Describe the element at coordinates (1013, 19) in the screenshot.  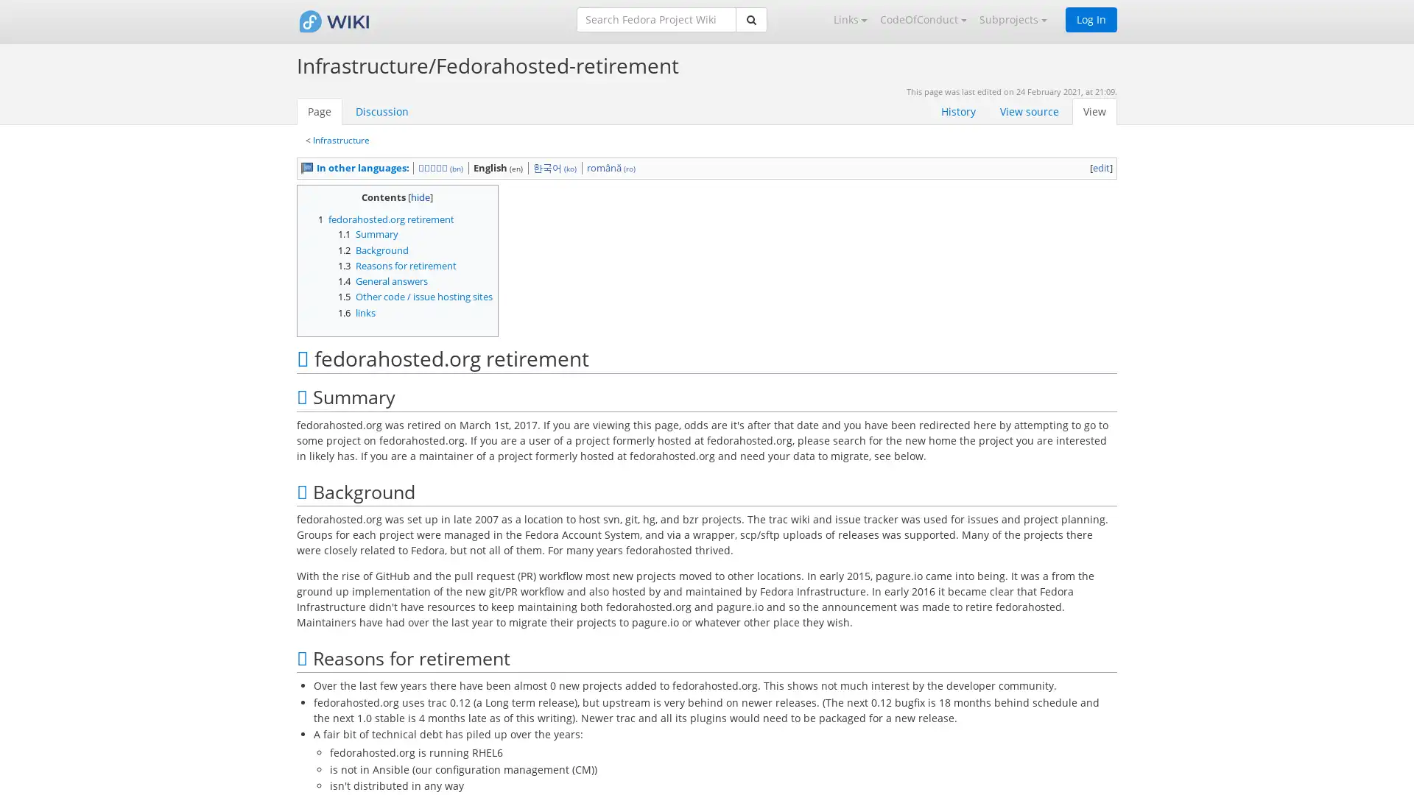
I see `Subprojects` at that location.